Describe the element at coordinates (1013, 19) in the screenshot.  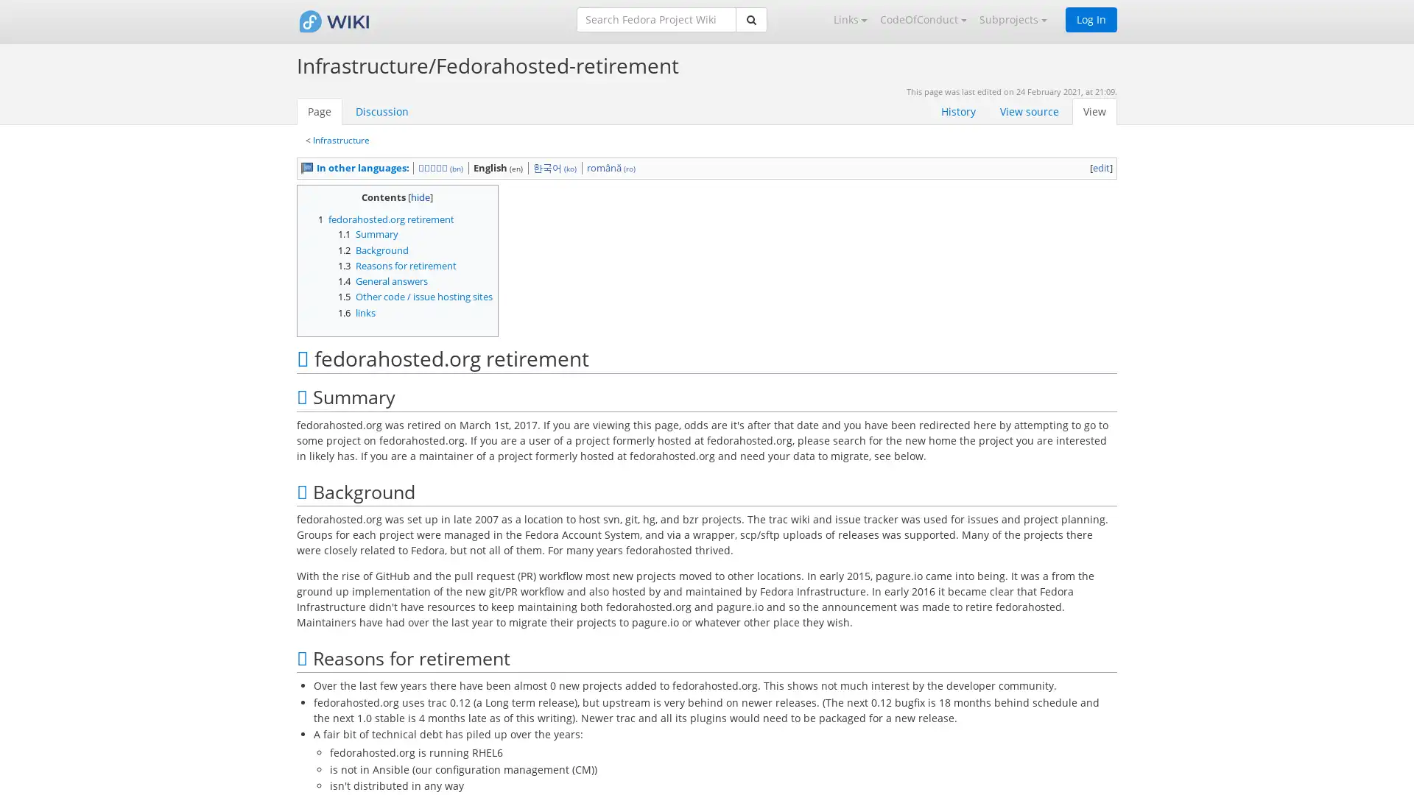
I see `Subprojects` at that location.